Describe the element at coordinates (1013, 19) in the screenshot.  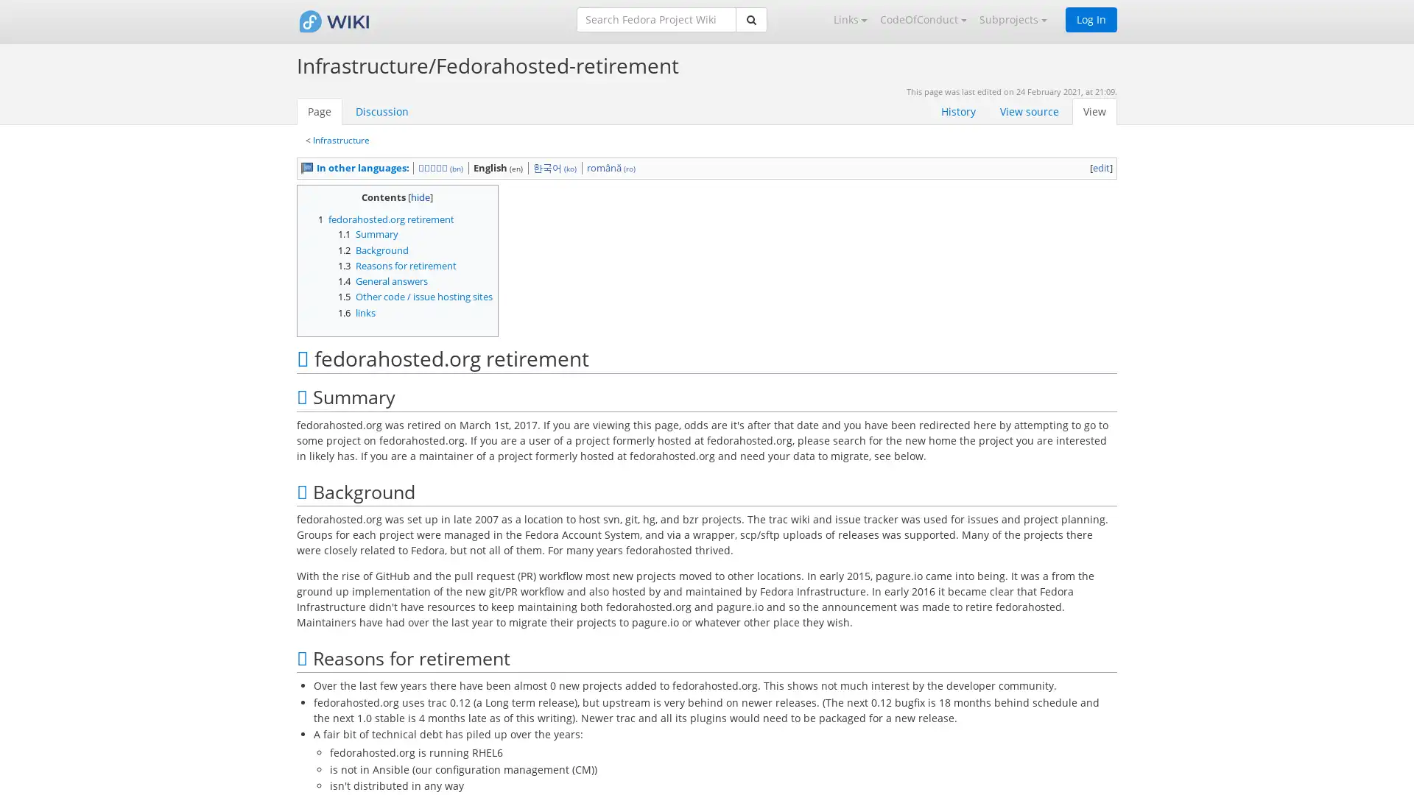
I see `Subprojects` at that location.